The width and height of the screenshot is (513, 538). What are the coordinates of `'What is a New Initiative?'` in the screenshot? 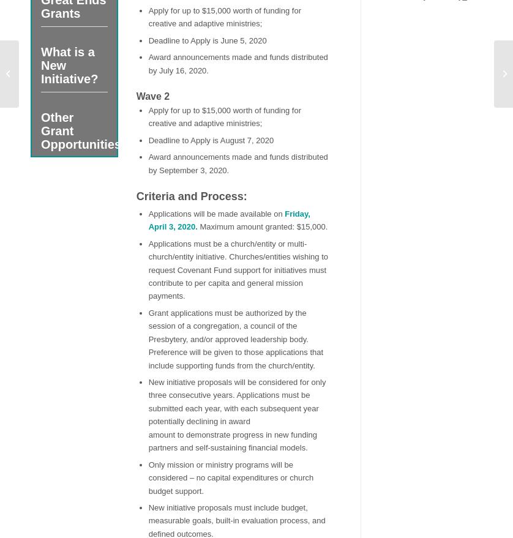 It's located at (69, 64).